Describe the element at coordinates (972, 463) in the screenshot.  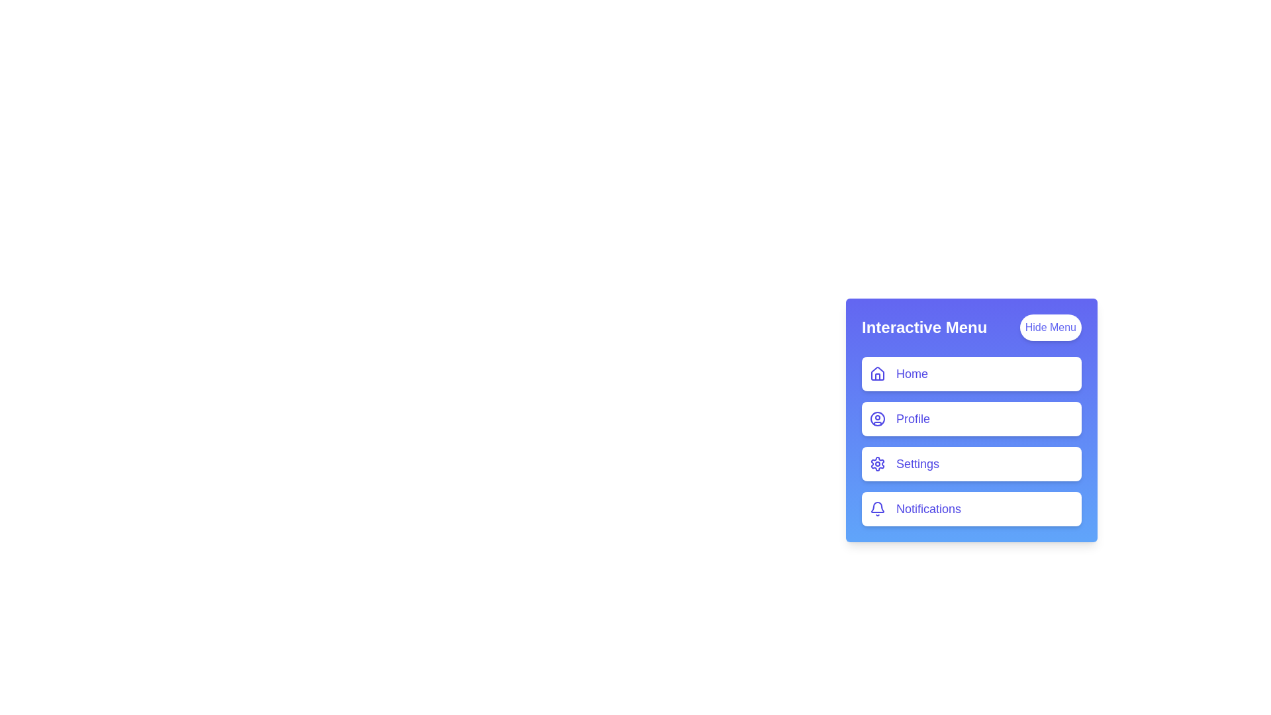
I see `the menu item Settings` at that location.